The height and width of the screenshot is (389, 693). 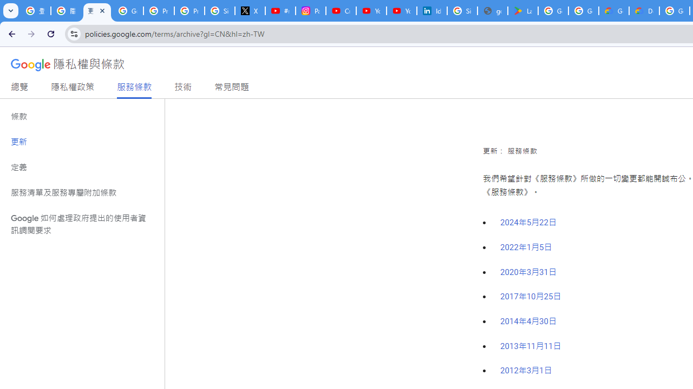 I want to click on 'X', so click(x=250, y=11).